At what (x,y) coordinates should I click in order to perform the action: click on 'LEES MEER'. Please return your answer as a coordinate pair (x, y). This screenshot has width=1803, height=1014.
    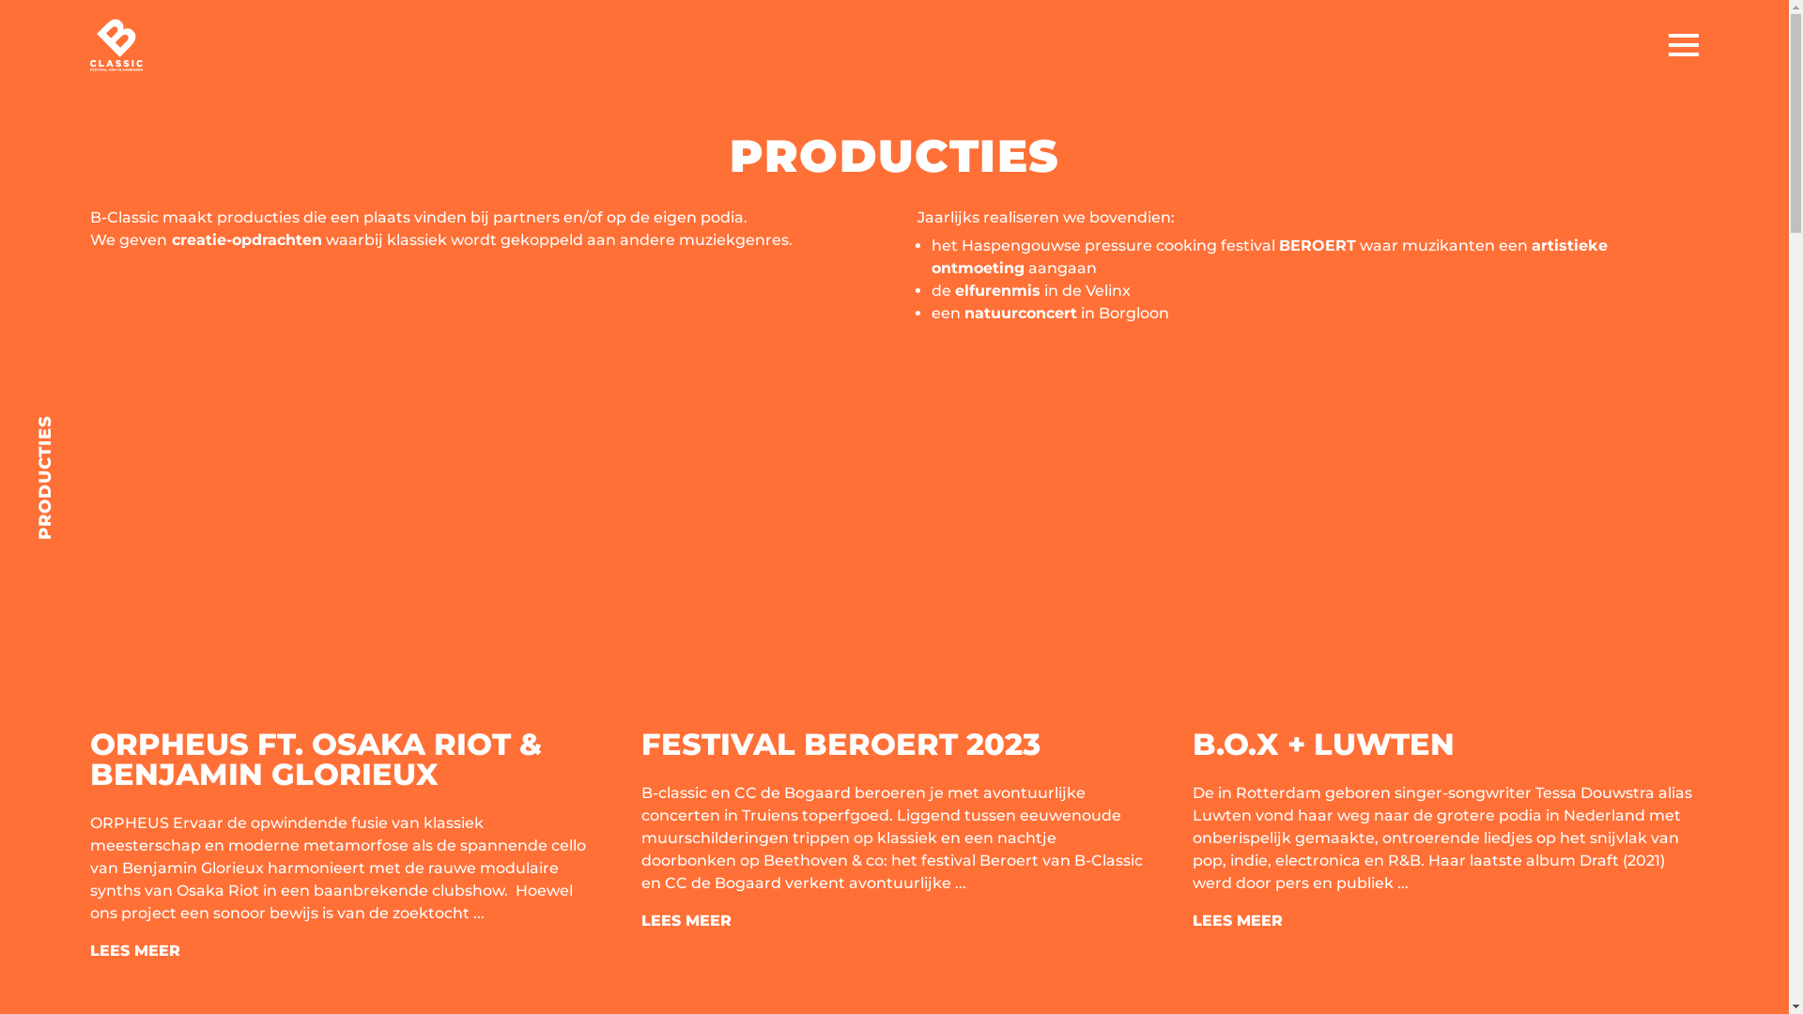
    Looking at the image, I should click on (1238, 919).